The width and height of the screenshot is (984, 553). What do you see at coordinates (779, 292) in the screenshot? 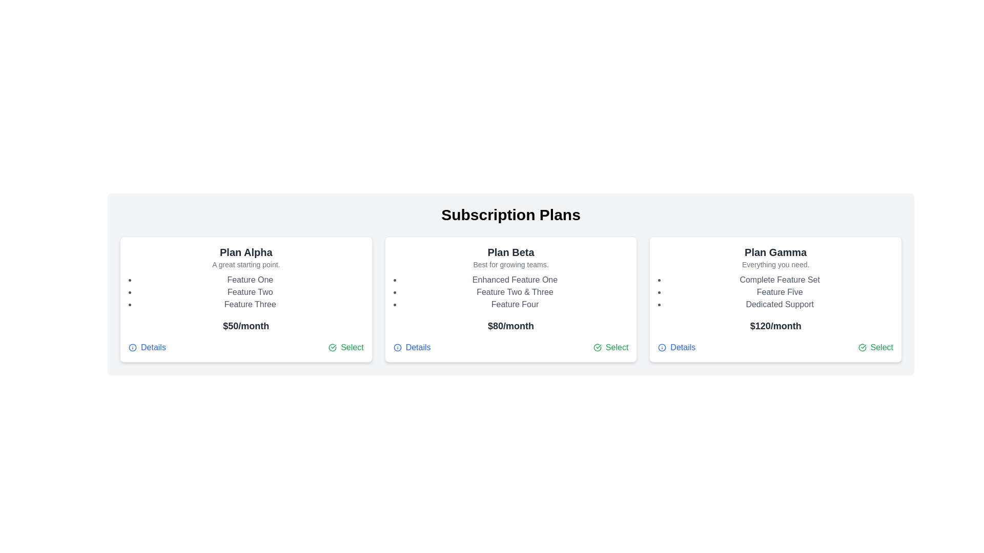
I see `the text list containing the items 'Complete Feature Set,' 'Feature Five,' and 'Dedicated Support' located below the header 'Plan Gamma' within the 'Plan Gamma' subscription card` at bounding box center [779, 292].